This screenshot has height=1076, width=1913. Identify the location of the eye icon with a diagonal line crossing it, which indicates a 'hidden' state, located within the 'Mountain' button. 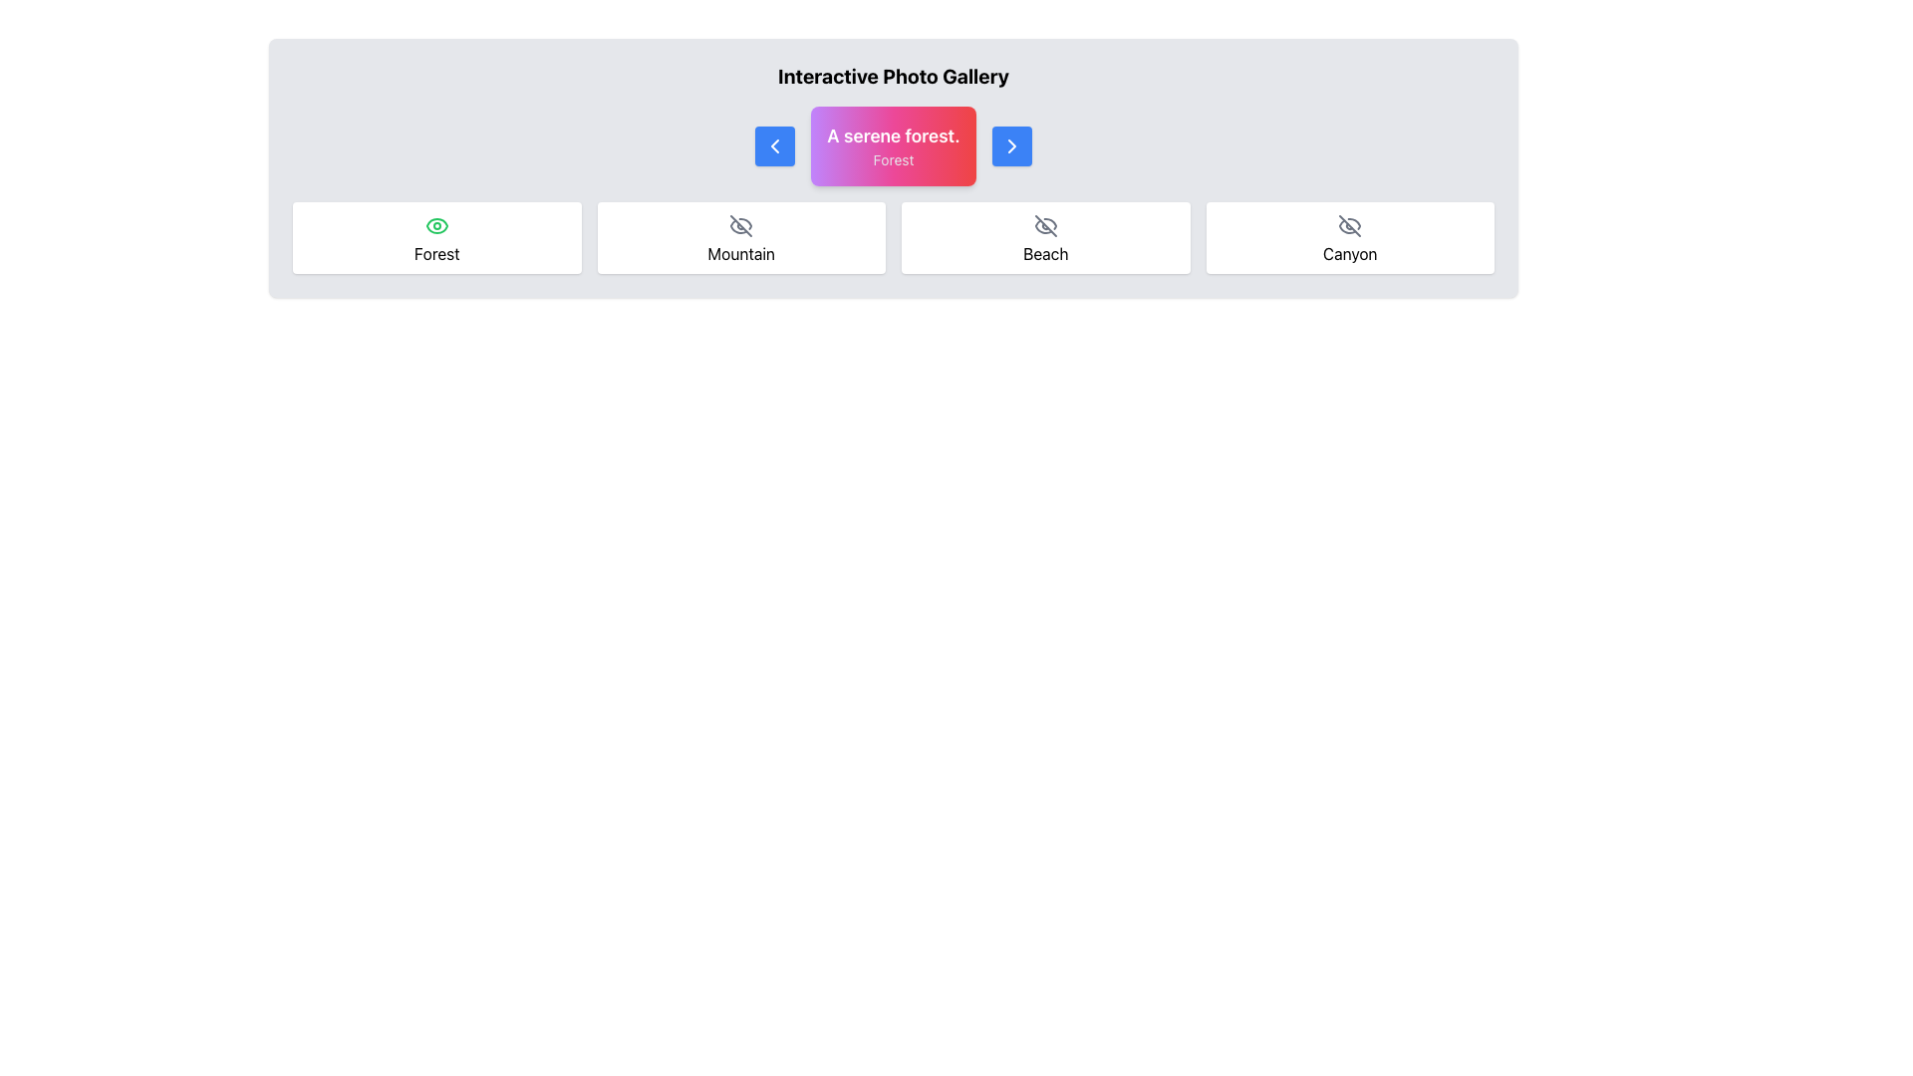
(740, 225).